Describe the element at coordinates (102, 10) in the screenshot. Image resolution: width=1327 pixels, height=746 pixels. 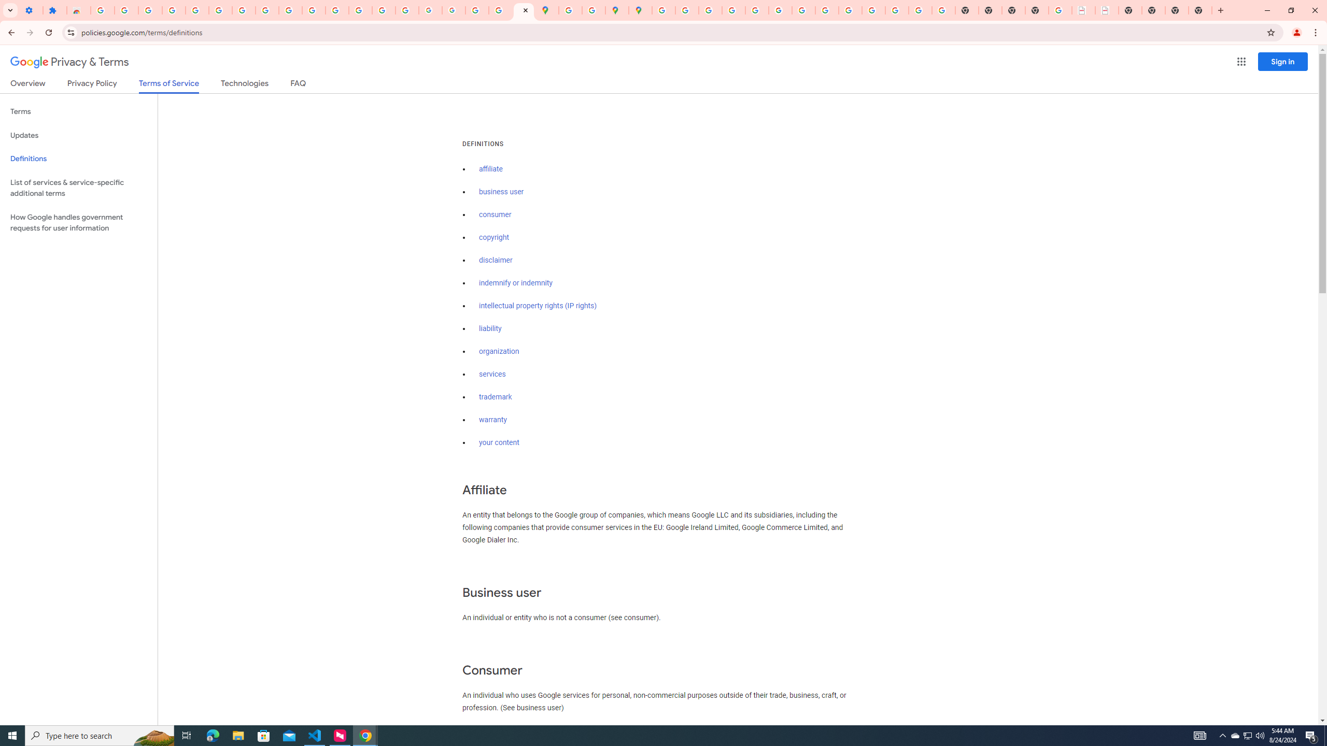
I see `'Sign in - Google Accounts'` at that location.